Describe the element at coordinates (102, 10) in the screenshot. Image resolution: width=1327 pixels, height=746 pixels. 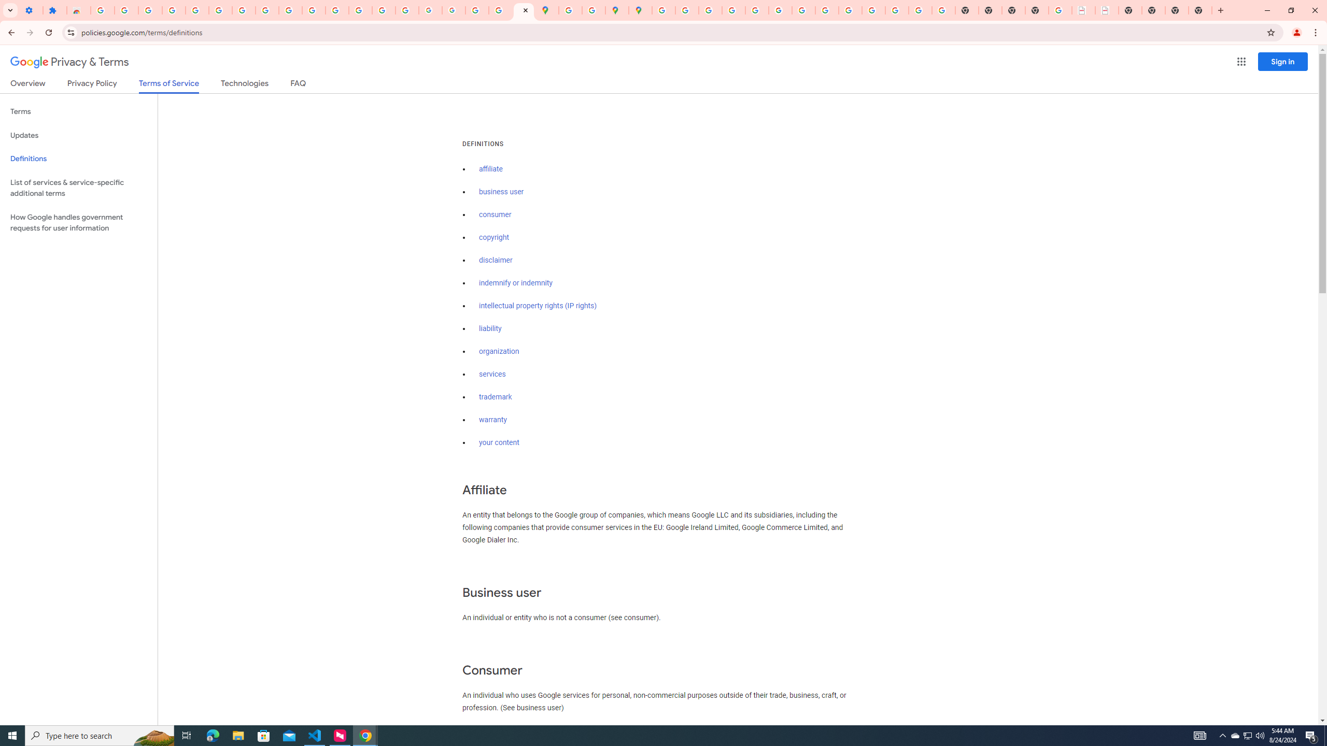
I see `'Sign in - Google Accounts'` at that location.